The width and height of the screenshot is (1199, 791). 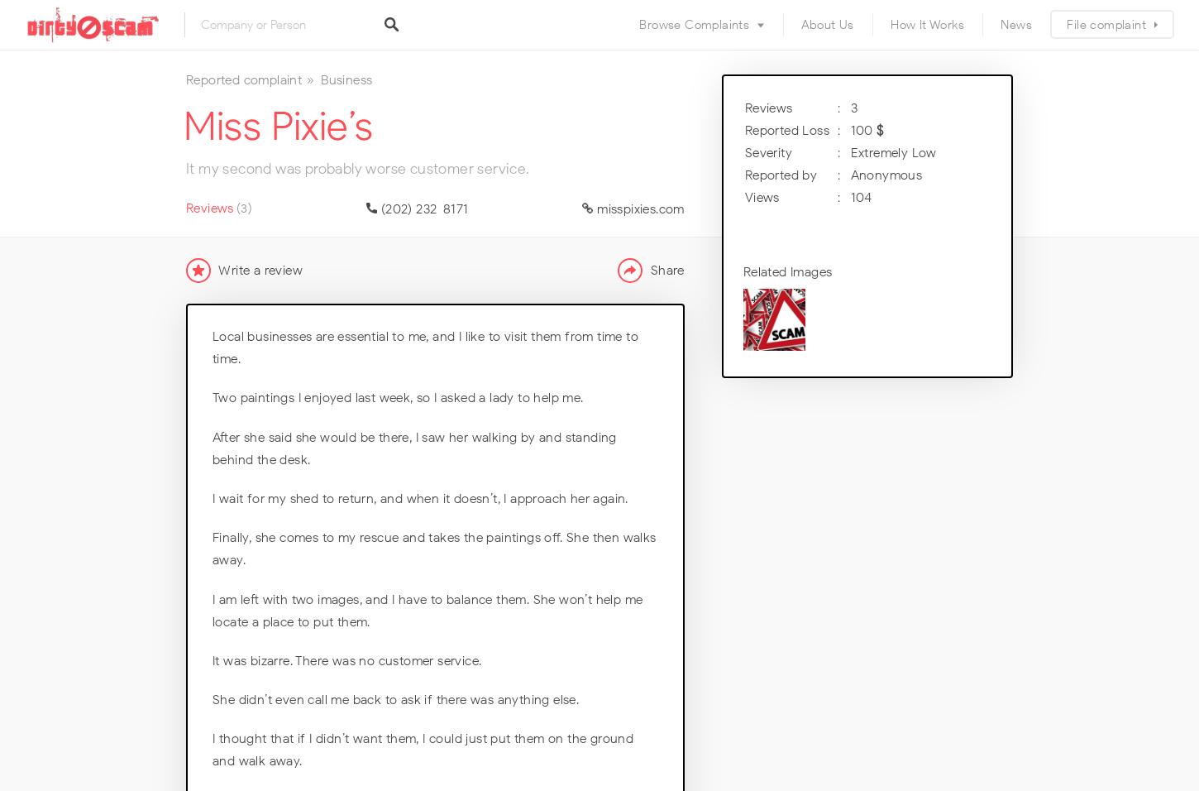 What do you see at coordinates (394, 699) in the screenshot?
I see `'She didn’t even call me back to ask if there was anything else.'` at bounding box center [394, 699].